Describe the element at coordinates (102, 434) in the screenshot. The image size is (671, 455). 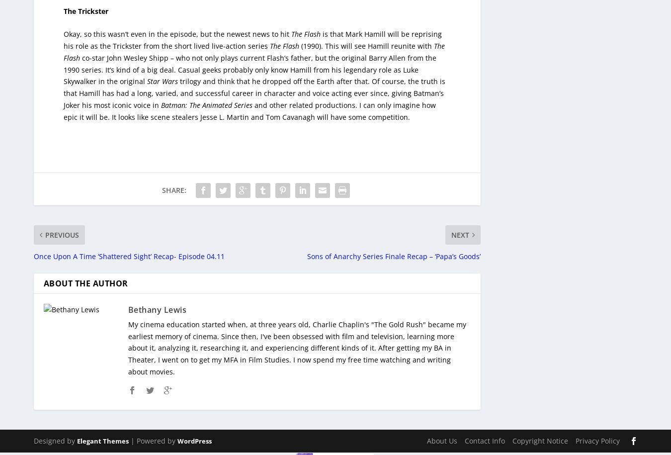
I see `'Elegant Themes'` at that location.